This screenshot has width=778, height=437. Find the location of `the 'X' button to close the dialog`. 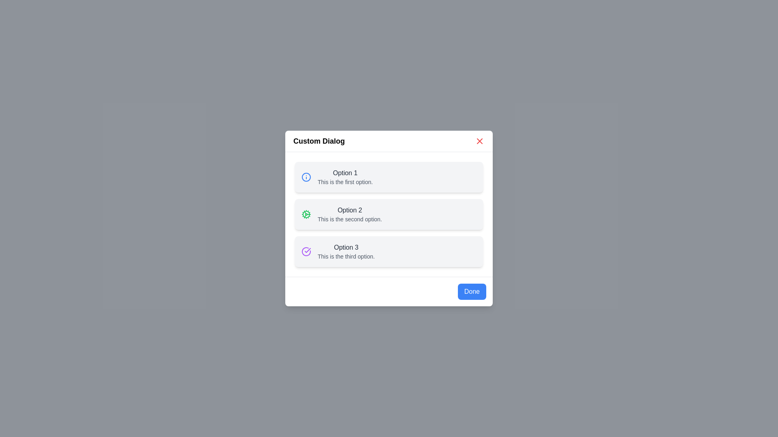

the 'X' button to close the dialog is located at coordinates (480, 140).